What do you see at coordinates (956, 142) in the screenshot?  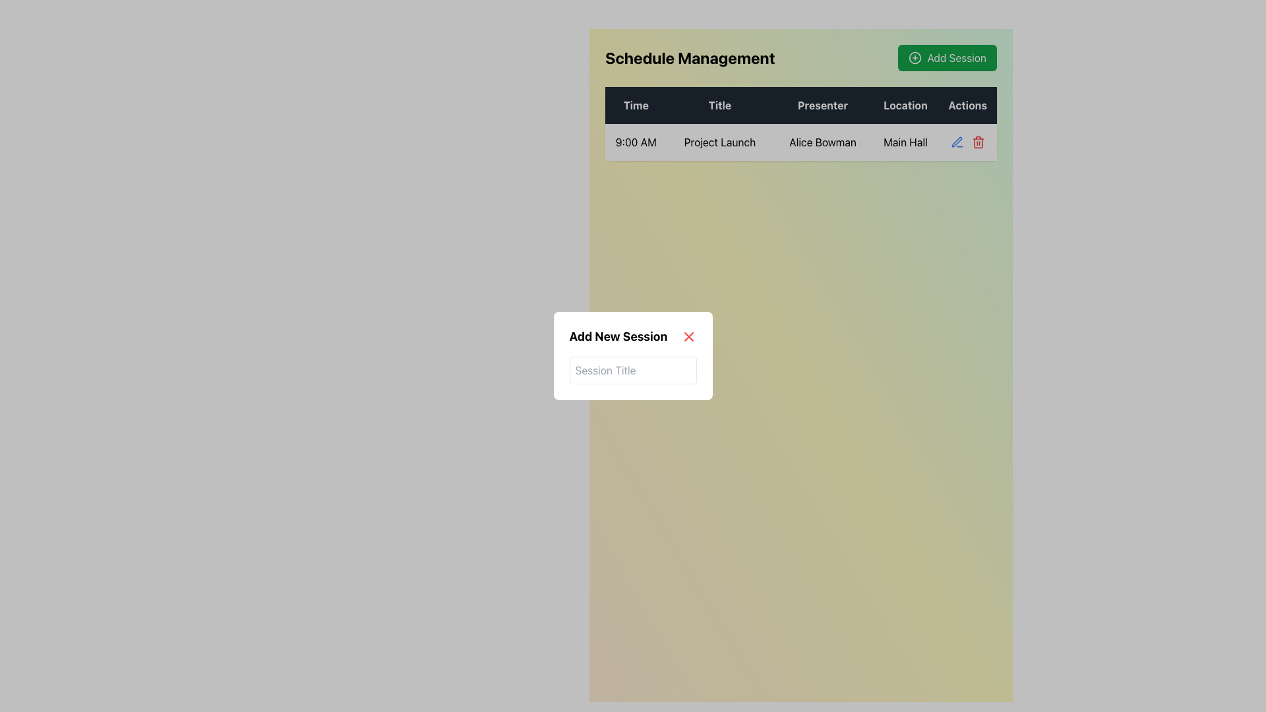 I see `the modern outline pen icon located at the top right of the Actions column in the session schedule table` at bounding box center [956, 142].